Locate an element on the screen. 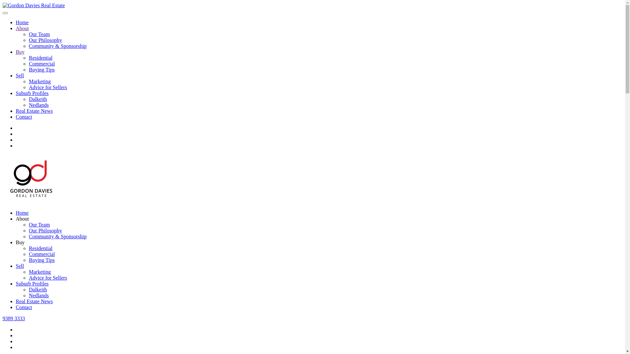 The image size is (630, 354). 'About' is located at coordinates (16, 219).